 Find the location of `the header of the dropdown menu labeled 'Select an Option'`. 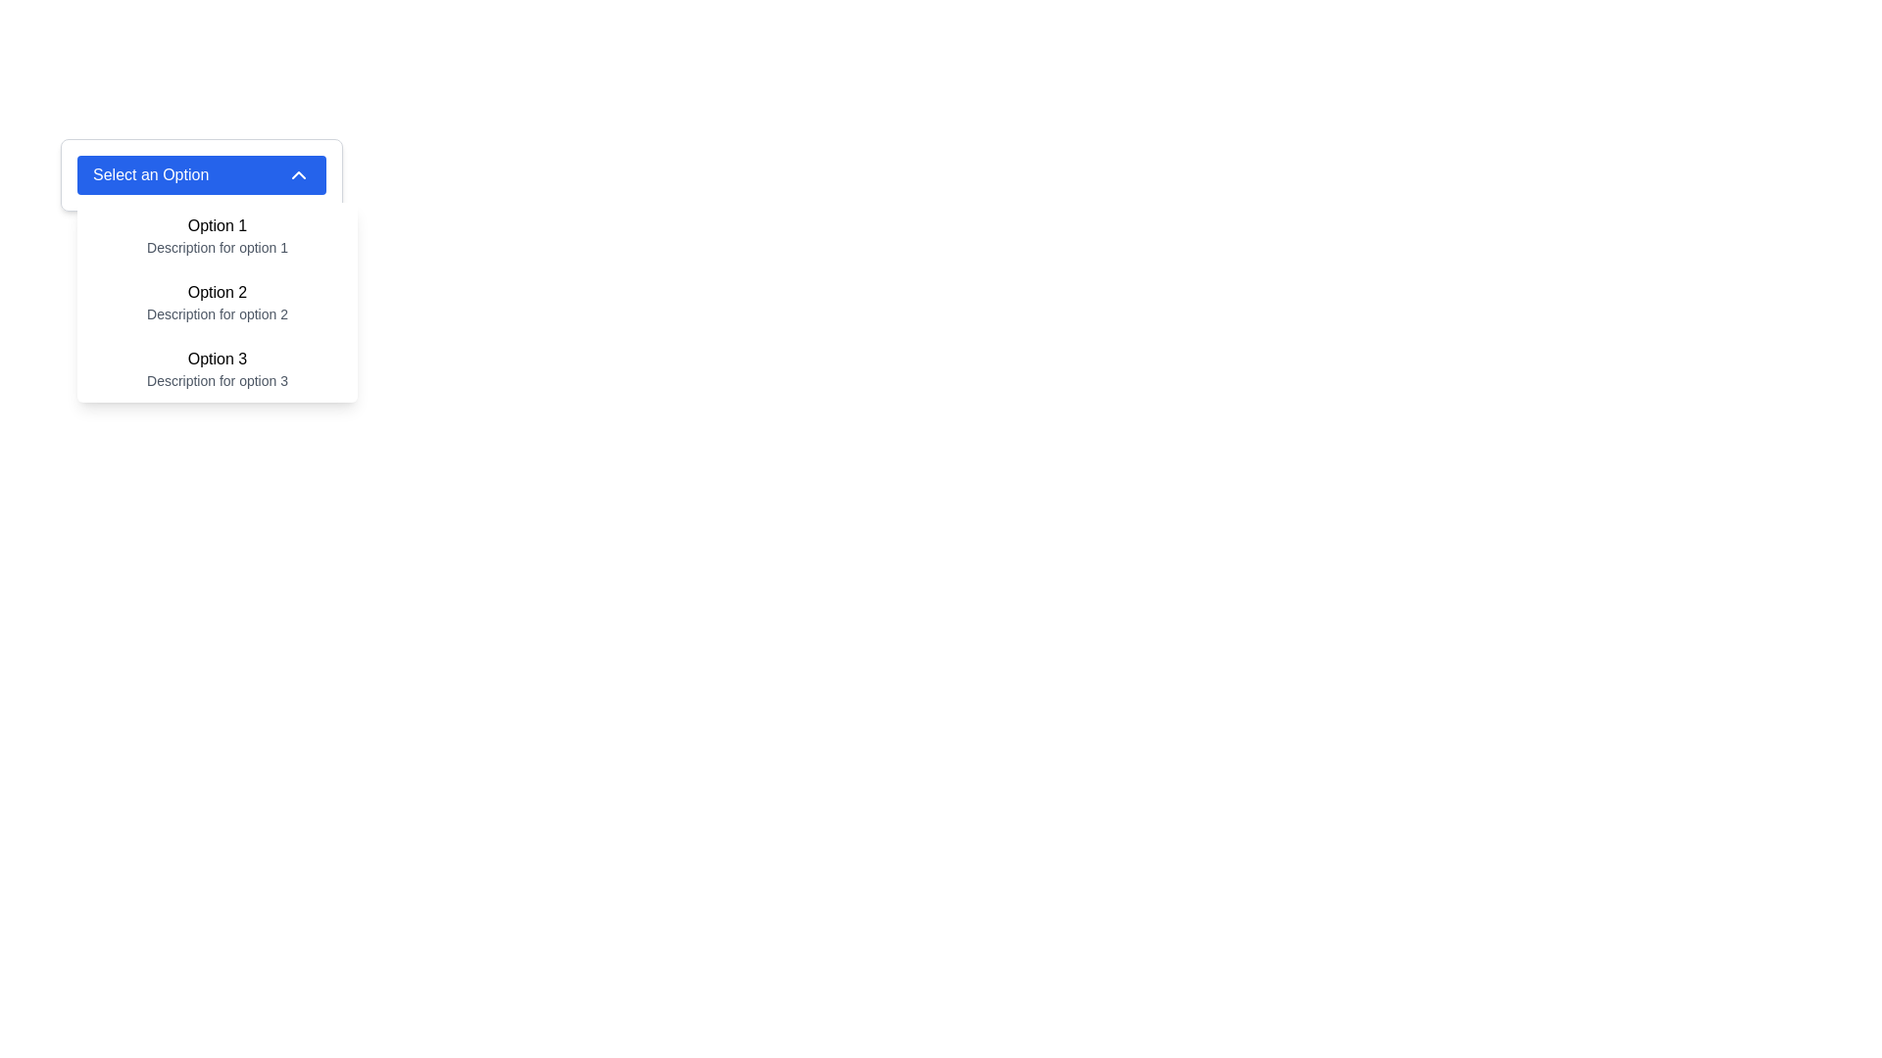

the header of the dropdown menu labeled 'Select an Option' is located at coordinates (202, 173).